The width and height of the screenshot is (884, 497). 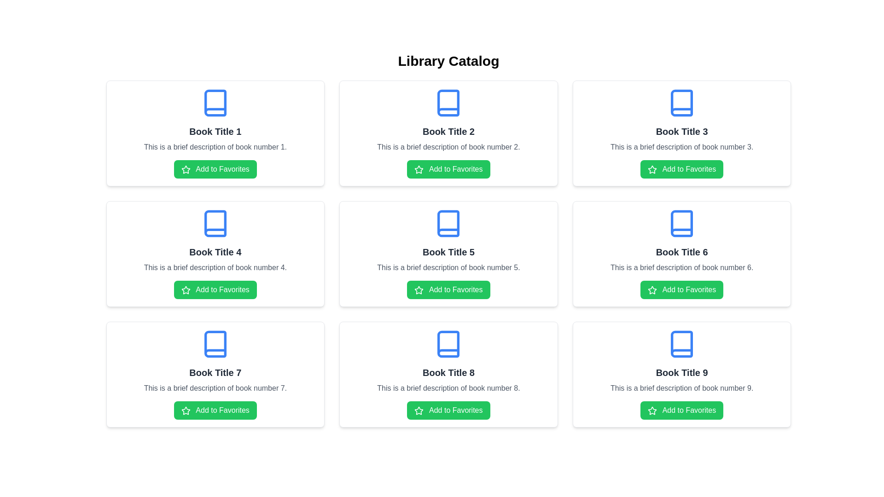 What do you see at coordinates (682, 373) in the screenshot?
I see `the text element displaying the name or title of the book located in the bottom-right corner of the card within a 3x3 grid of book cards` at bounding box center [682, 373].